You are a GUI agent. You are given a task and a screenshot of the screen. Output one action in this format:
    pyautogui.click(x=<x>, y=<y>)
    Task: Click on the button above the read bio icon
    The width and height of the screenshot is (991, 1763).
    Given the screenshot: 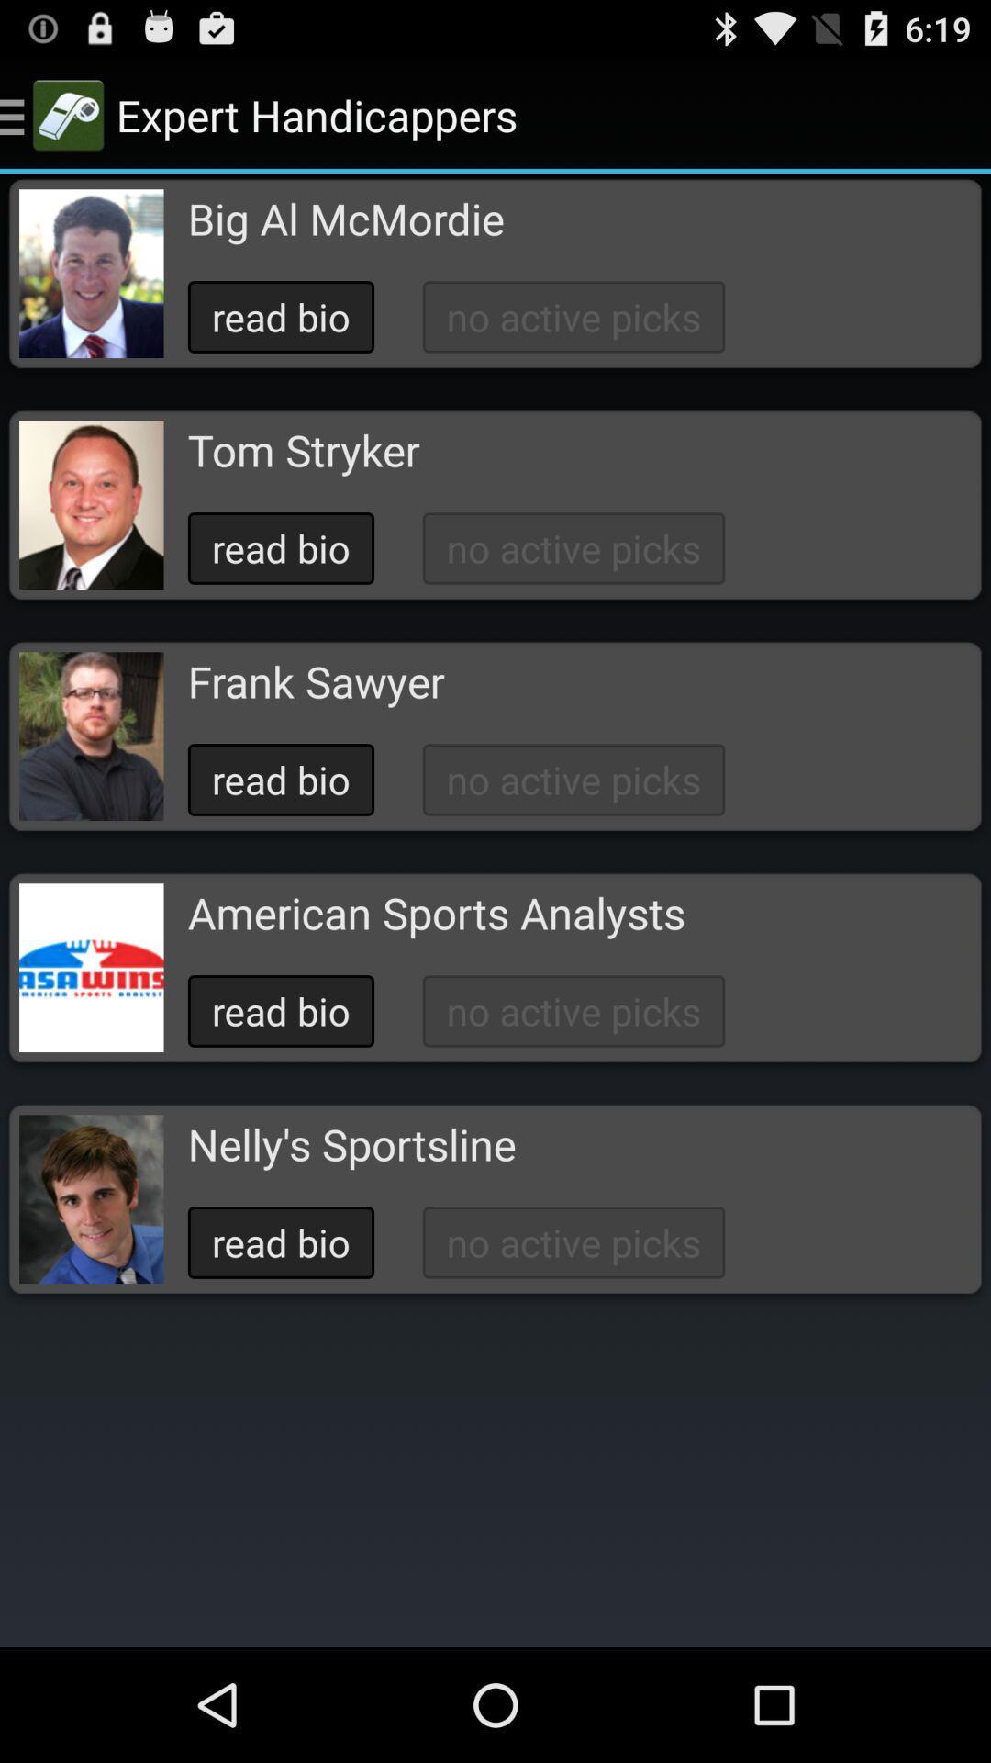 What is the action you would take?
    pyautogui.click(x=351, y=1143)
    